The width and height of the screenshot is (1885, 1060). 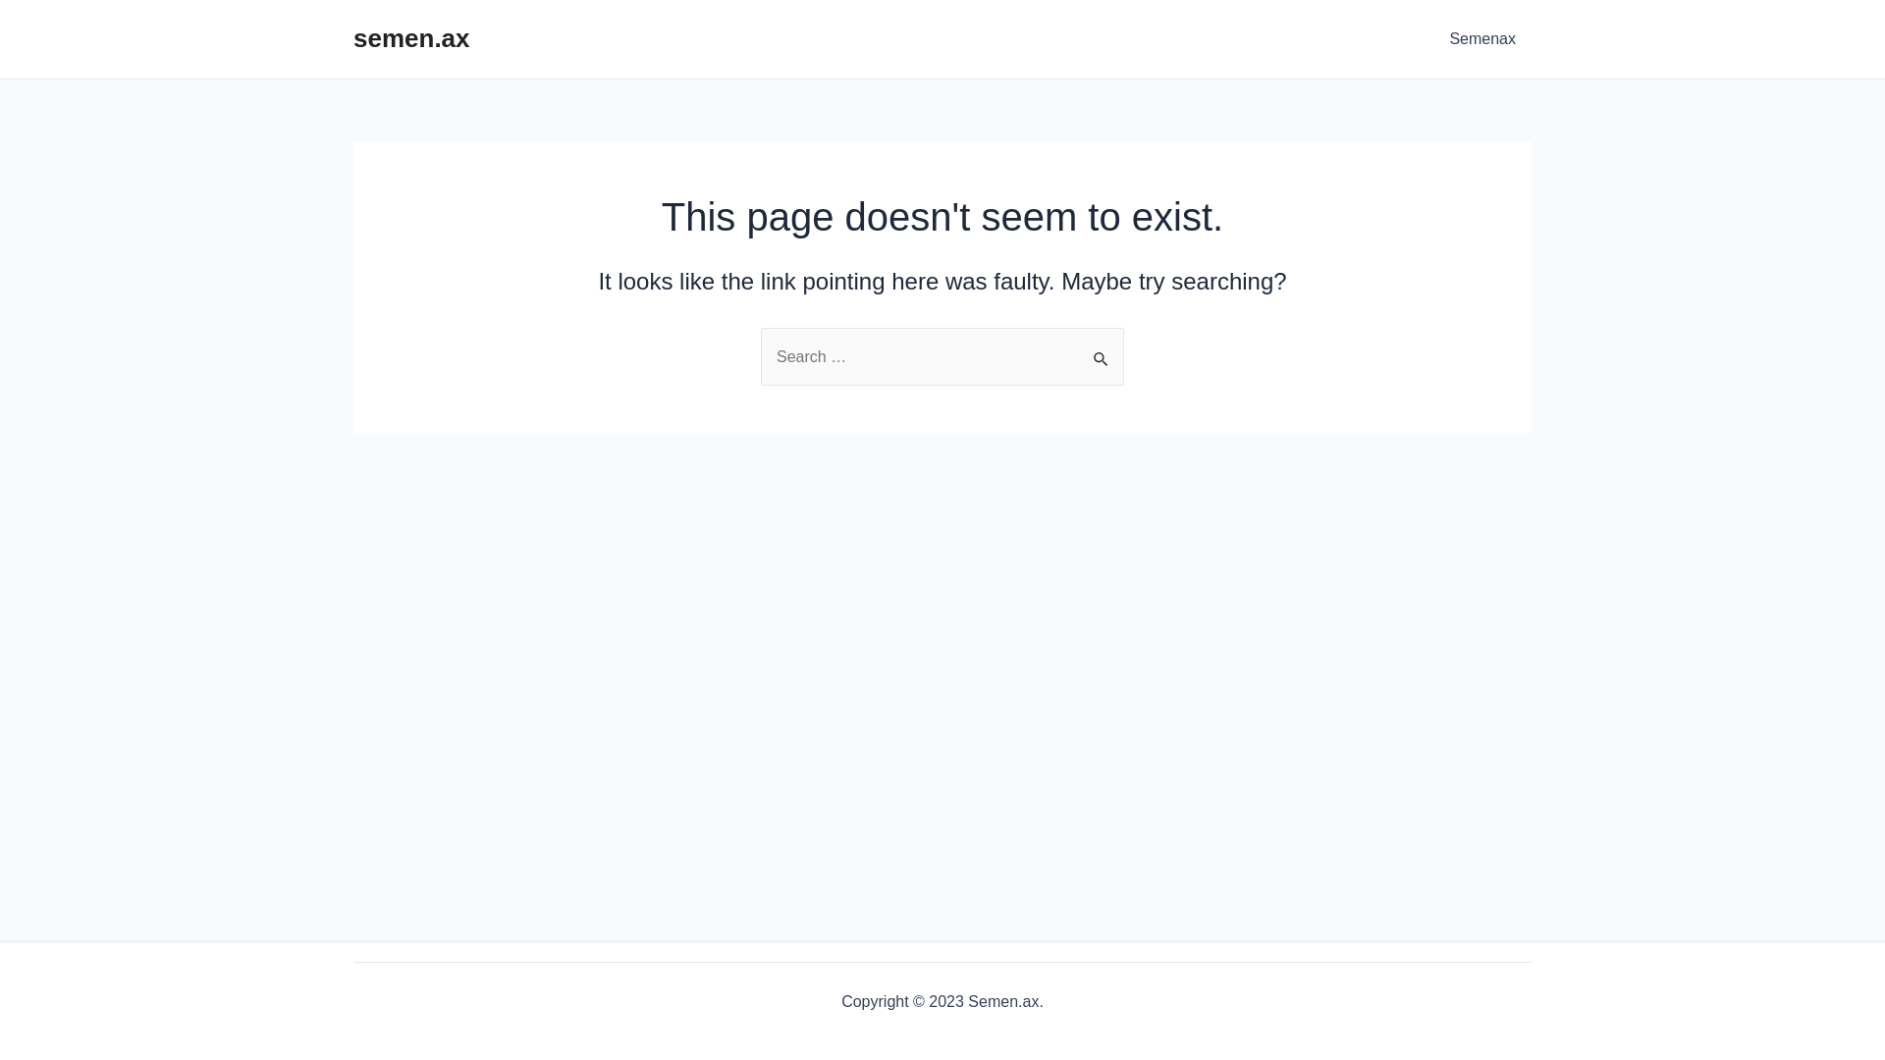 I want to click on 'Search', so click(x=1102, y=346).